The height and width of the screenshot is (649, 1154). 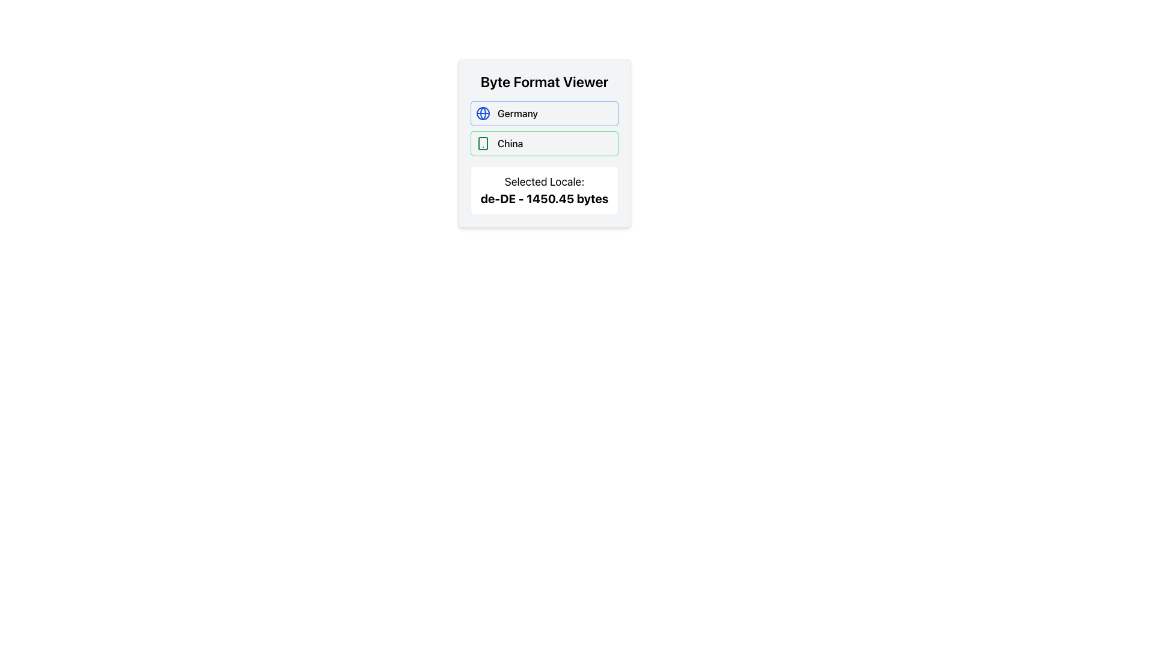 What do you see at coordinates (483, 143) in the screenshot?
I see `the green smartphone icon, which is located on the leftmost side of the UI panel, next to the text 'China'` at bounding box center [483, 143].